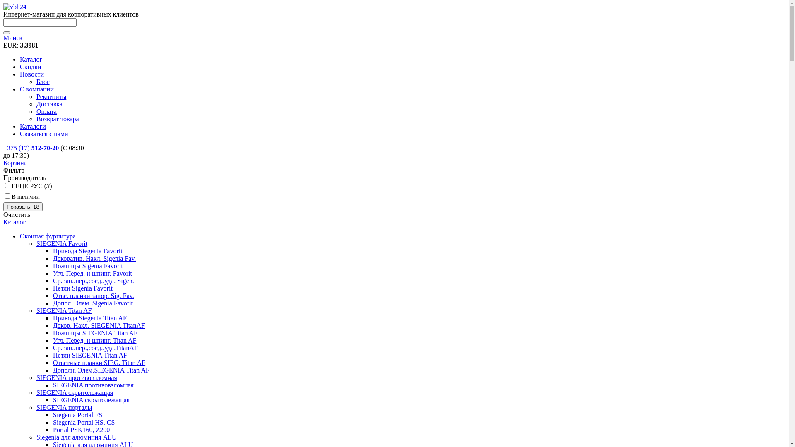 The height and width of the screenshot is (447, 795). Describe the element at coordinates (81, 429) in the screenshot. I see `'Portal PSK160, Z200'` at that location.